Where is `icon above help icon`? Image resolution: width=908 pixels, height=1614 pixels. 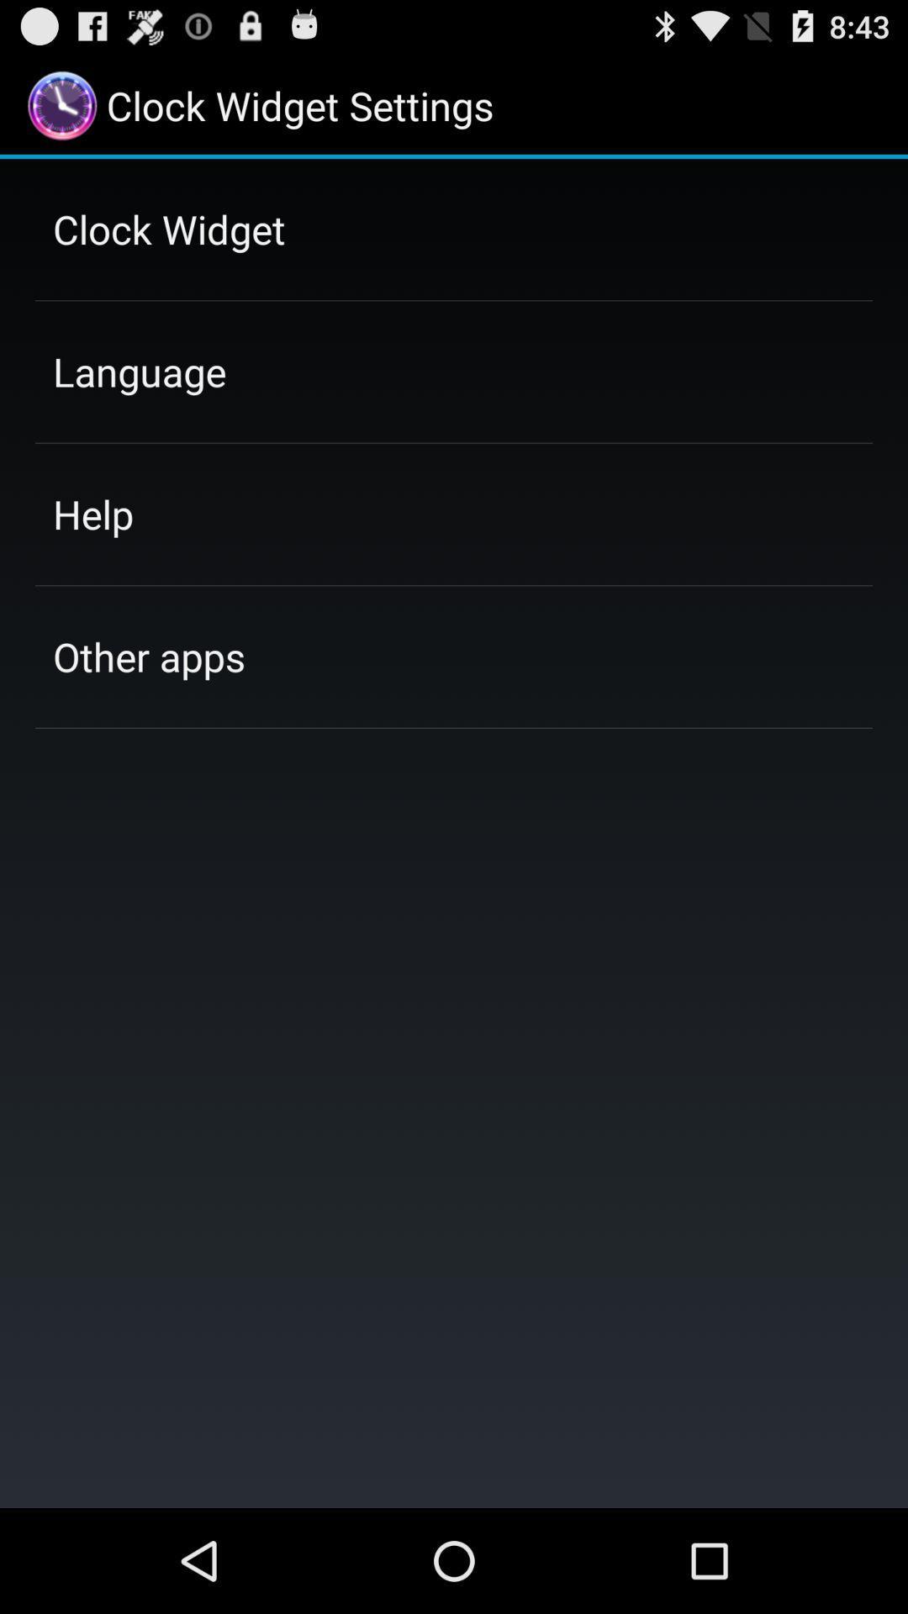
icon above help icon is located at coordinates (139, 371).